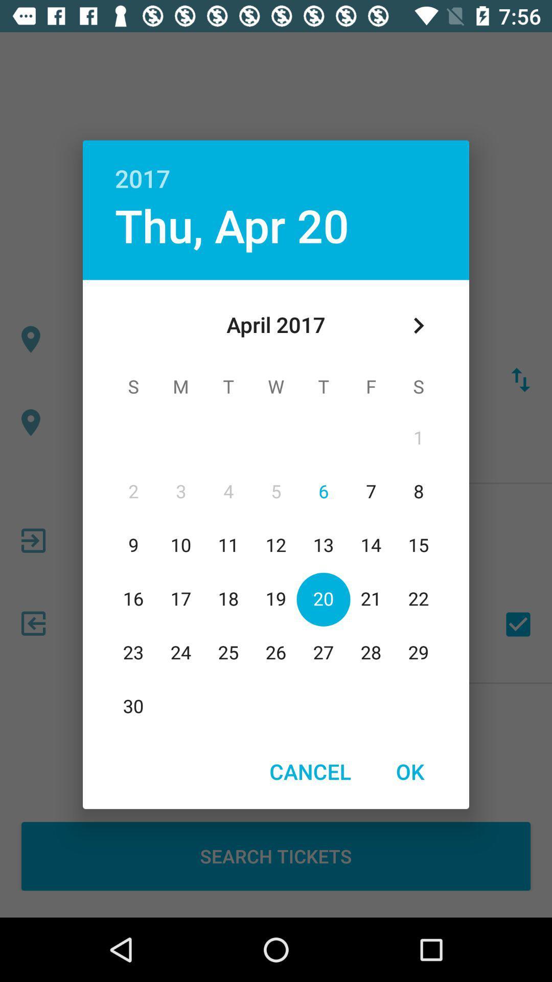 Image resolution: width=552 pixels, height=982 pixels. What do you see at coordinates (310, 771) in the screenshot?
I see `cancel item` at bounding box center [310, 771].